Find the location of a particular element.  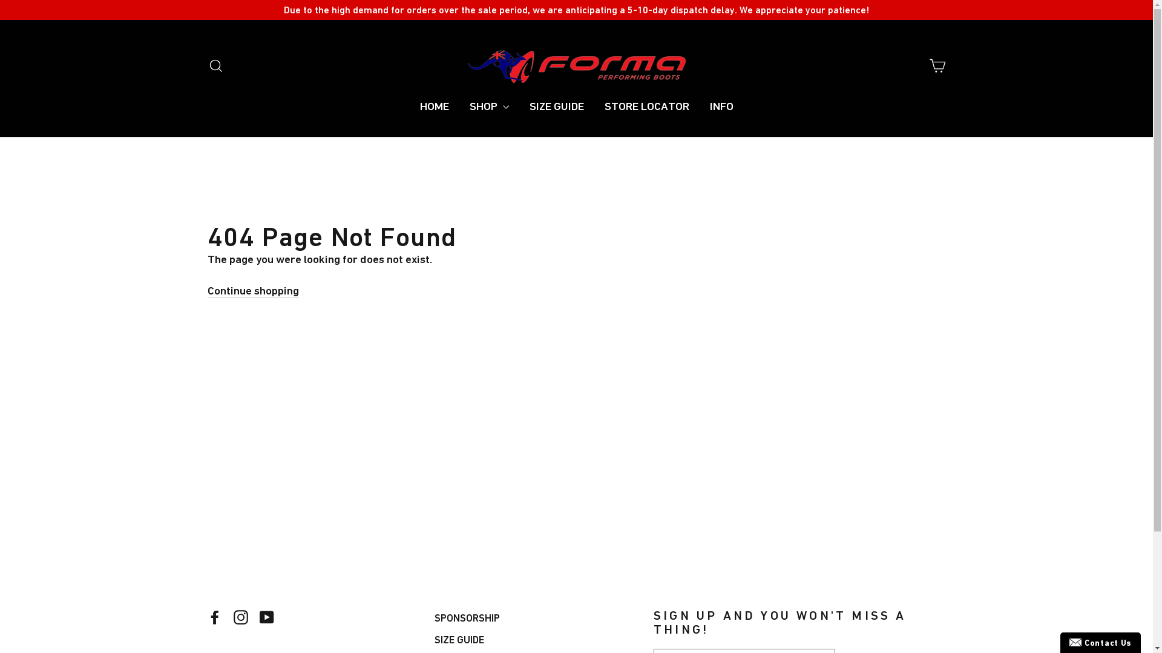

'SIZE GUIDE' is located at coordinates (435, 640).